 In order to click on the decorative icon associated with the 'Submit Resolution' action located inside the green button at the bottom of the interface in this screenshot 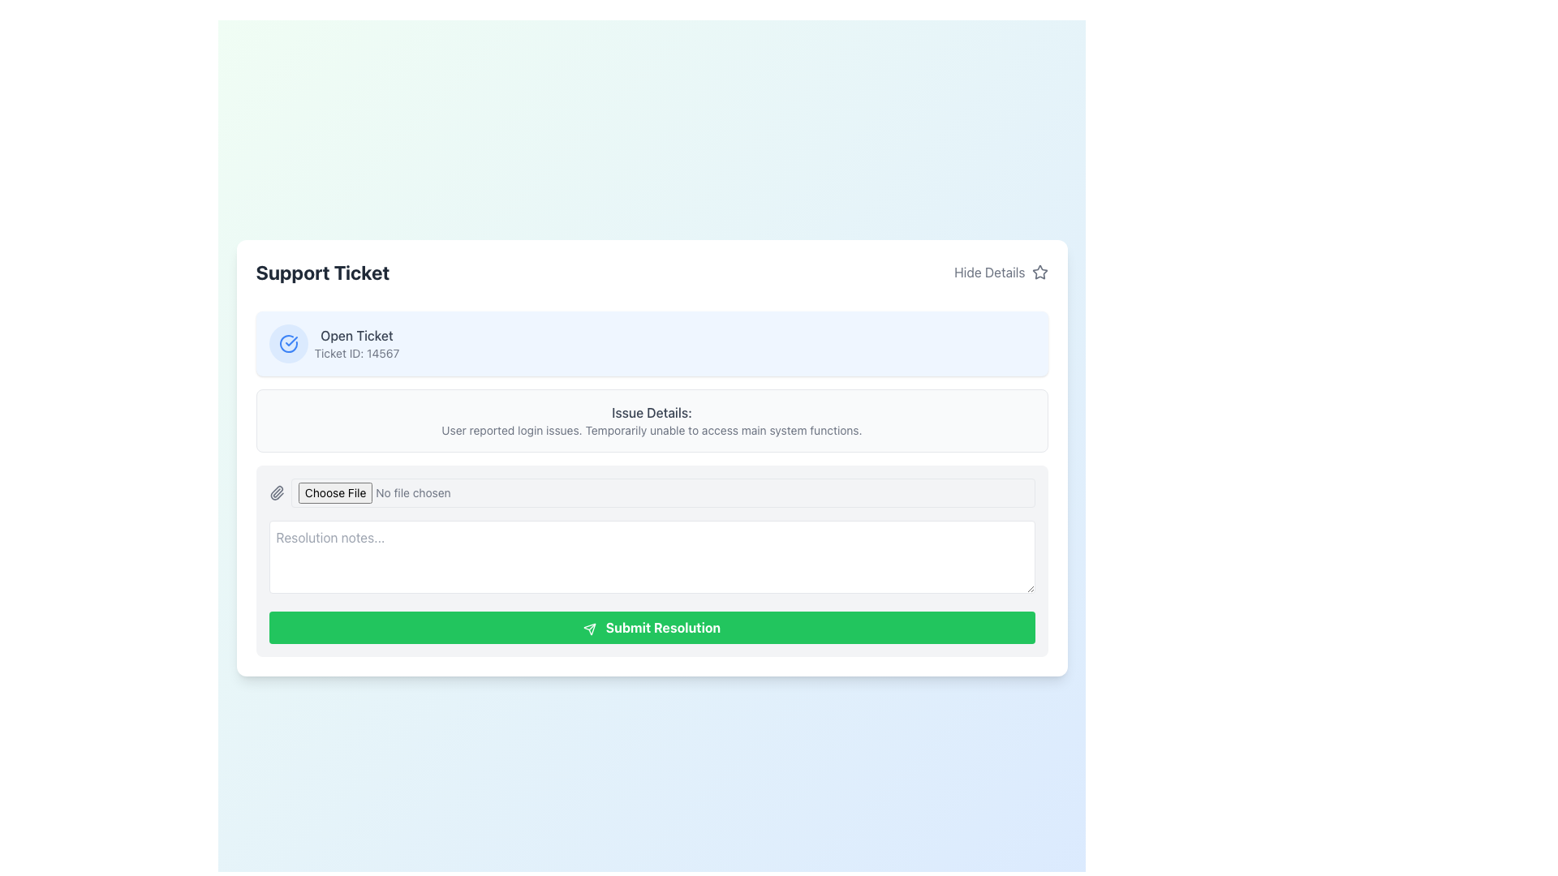, I will do `click(588, 628)`.